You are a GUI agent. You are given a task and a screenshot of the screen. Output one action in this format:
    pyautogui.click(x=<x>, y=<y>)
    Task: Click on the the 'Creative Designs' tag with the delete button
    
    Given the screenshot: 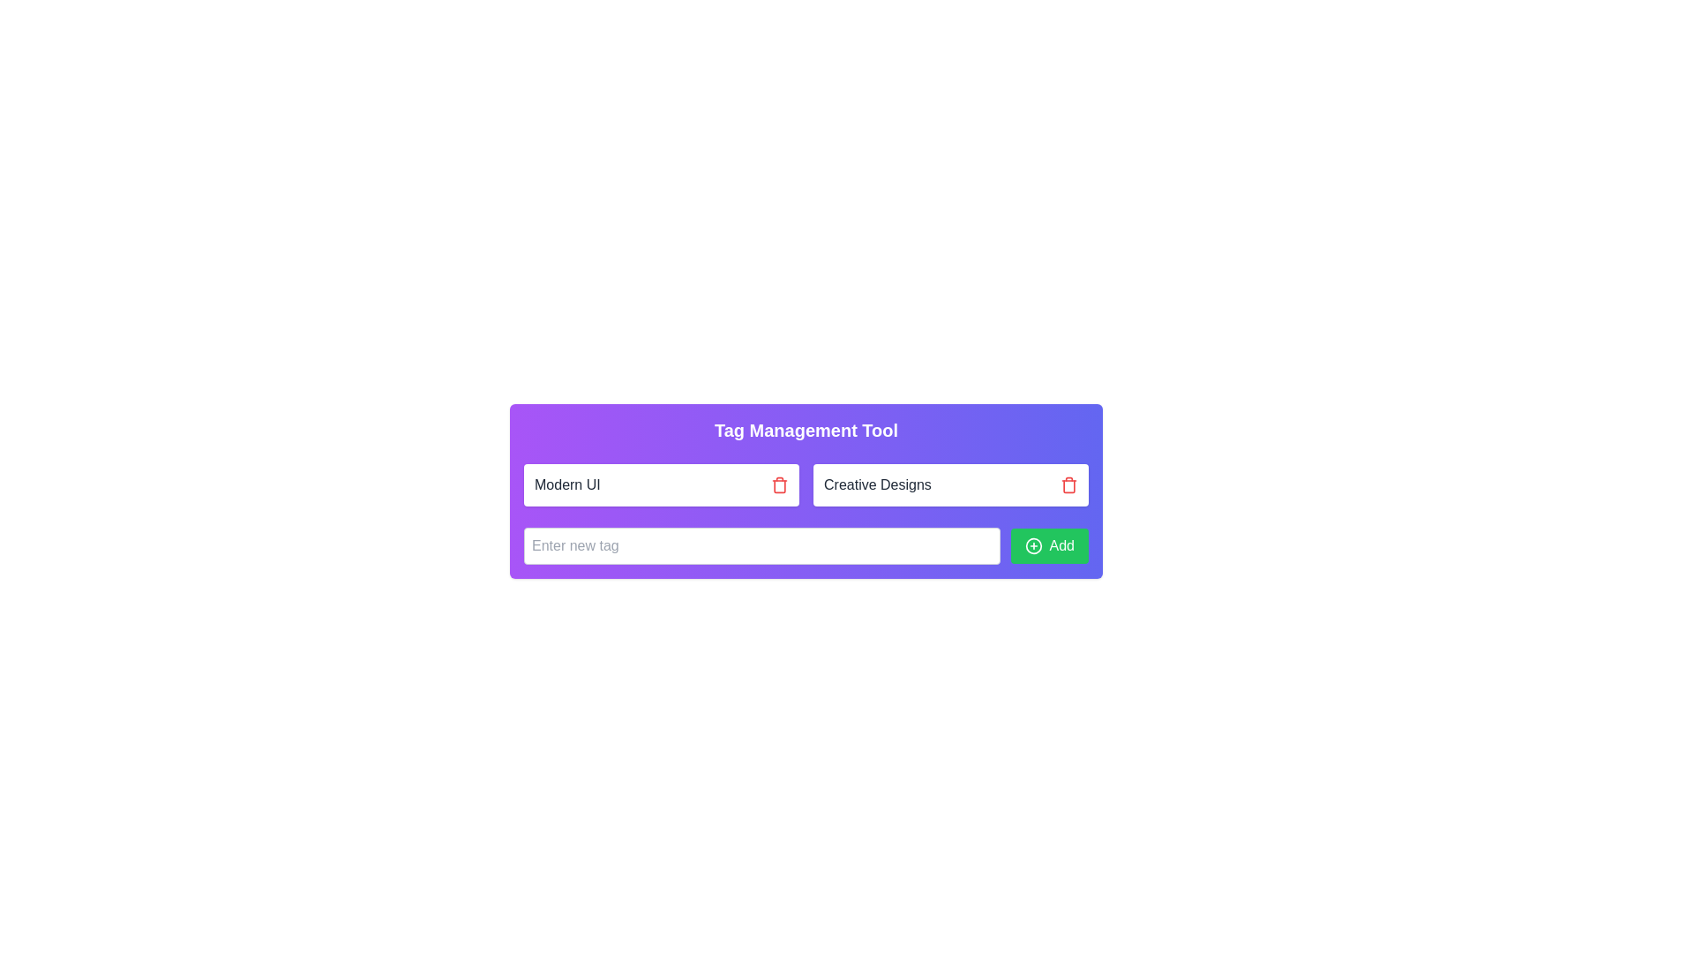 What is the action you would take?
    pyautogui.click(x=950, y=485)
    